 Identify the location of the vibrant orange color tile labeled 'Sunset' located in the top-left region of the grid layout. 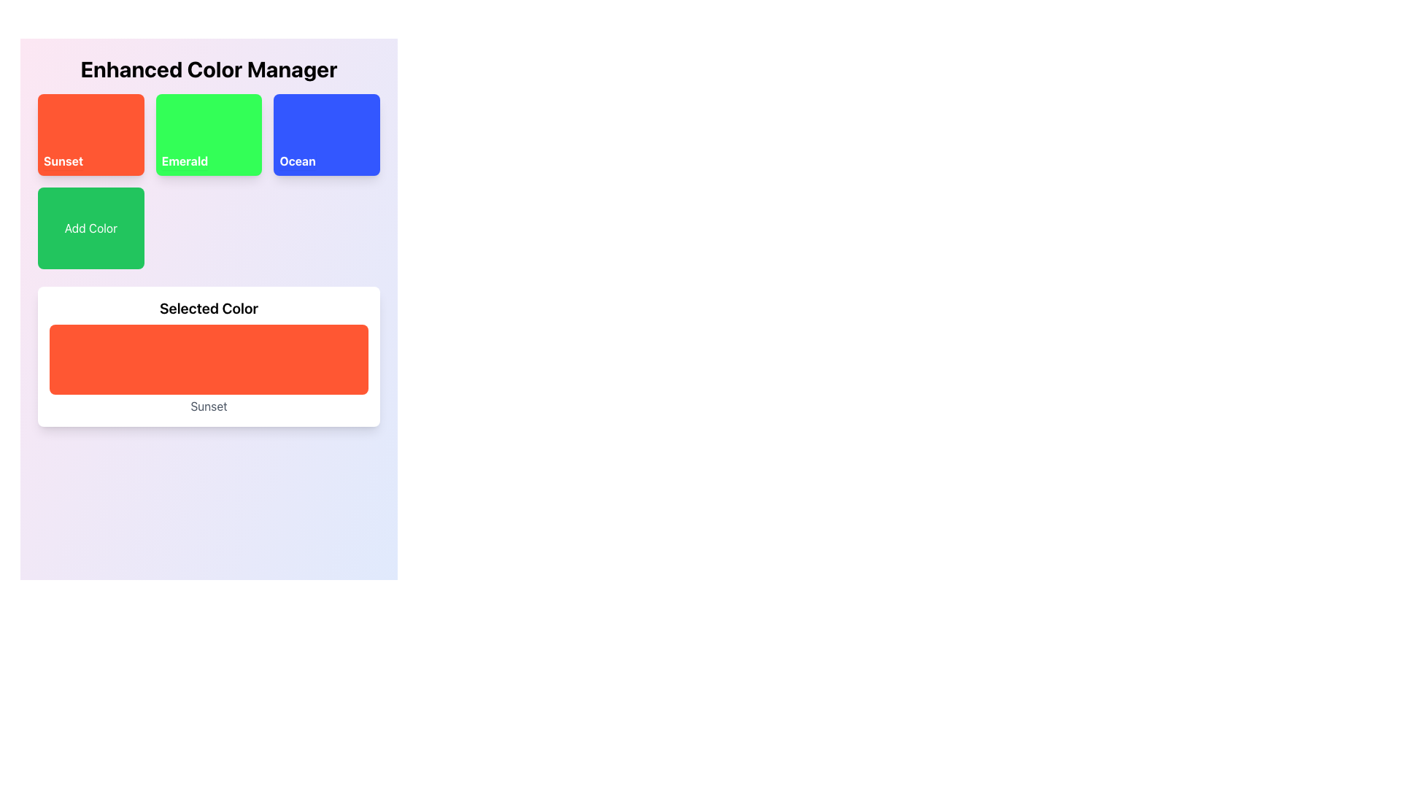
(90, 135).